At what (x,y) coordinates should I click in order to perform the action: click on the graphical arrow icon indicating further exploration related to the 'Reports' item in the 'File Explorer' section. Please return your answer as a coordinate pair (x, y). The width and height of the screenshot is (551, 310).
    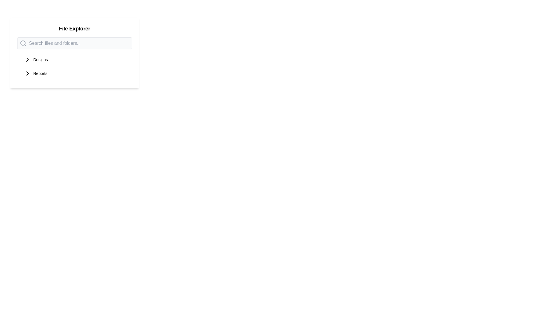
    Looking at the image, I should click on (27, 73).